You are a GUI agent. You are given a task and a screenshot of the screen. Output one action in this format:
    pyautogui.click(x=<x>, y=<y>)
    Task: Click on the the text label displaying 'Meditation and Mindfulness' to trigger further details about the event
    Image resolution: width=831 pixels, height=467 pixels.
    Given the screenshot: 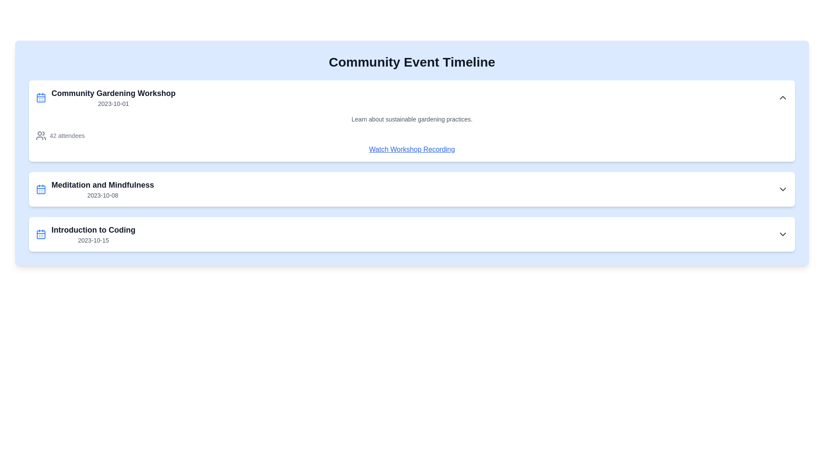 What is the action you would take?
    pyautogui.click(x=103, y=185)
    